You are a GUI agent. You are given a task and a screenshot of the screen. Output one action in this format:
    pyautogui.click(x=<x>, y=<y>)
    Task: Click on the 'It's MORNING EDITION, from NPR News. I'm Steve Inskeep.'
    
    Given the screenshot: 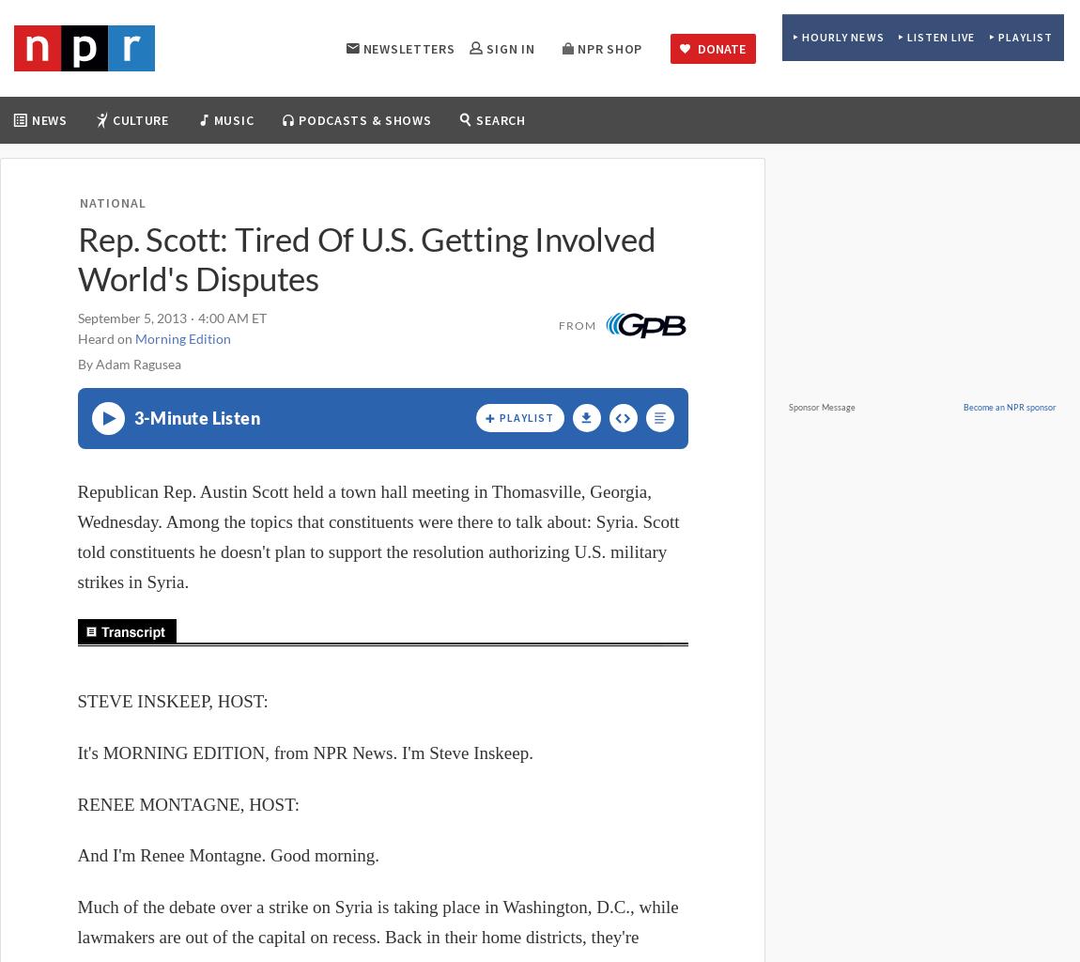 What is the action you would take?
    pyautogui.click(x=304, y=753)
    